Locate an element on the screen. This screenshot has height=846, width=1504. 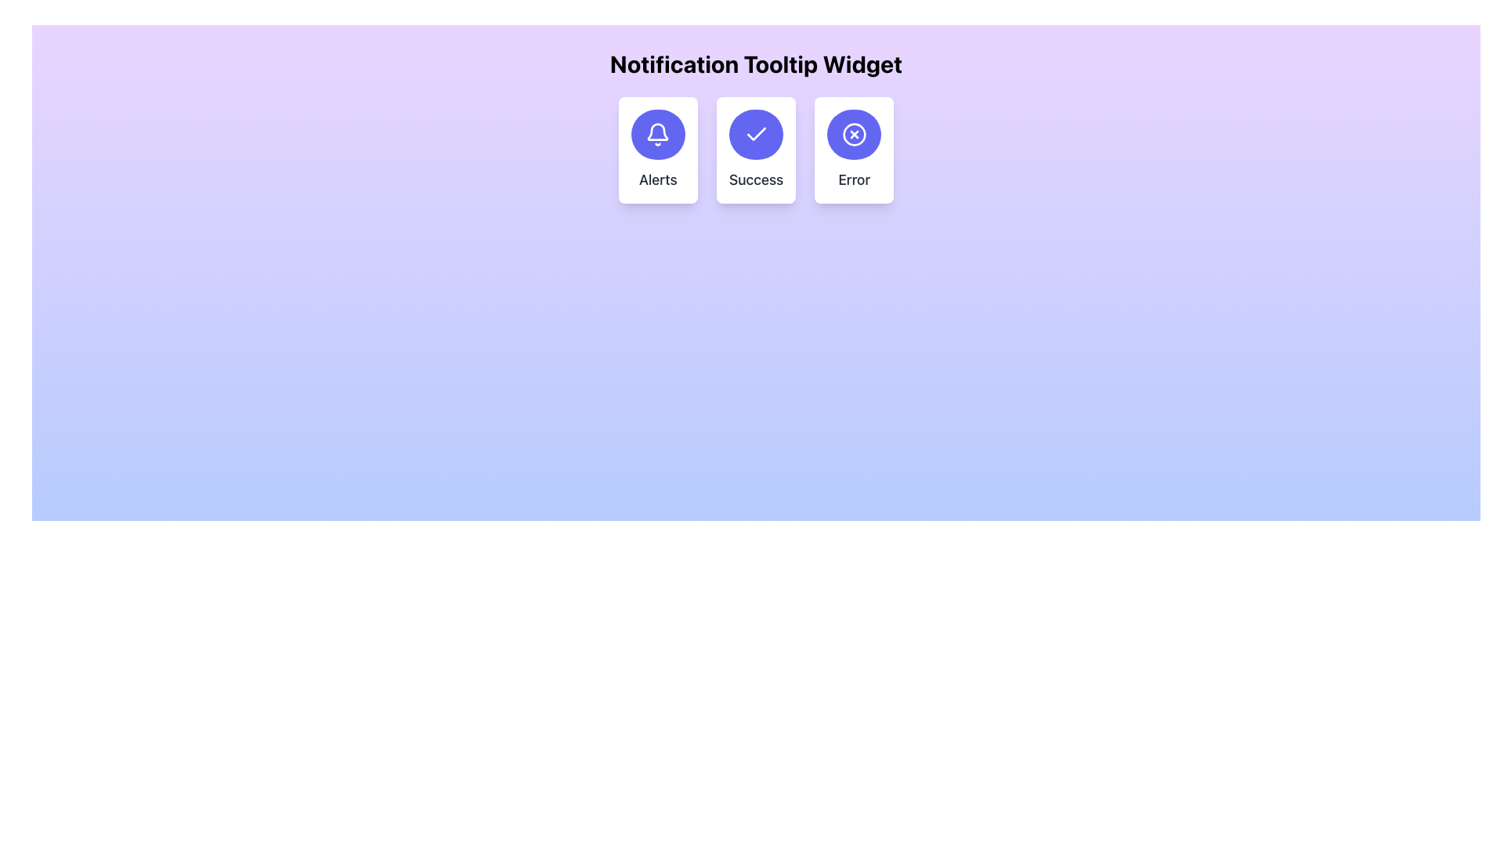
the 'Success' button by clicking on the central checkmark icon, which is visually represented with a white stroke and blue background, indicating a completed action is located at coordinates (756, 134).